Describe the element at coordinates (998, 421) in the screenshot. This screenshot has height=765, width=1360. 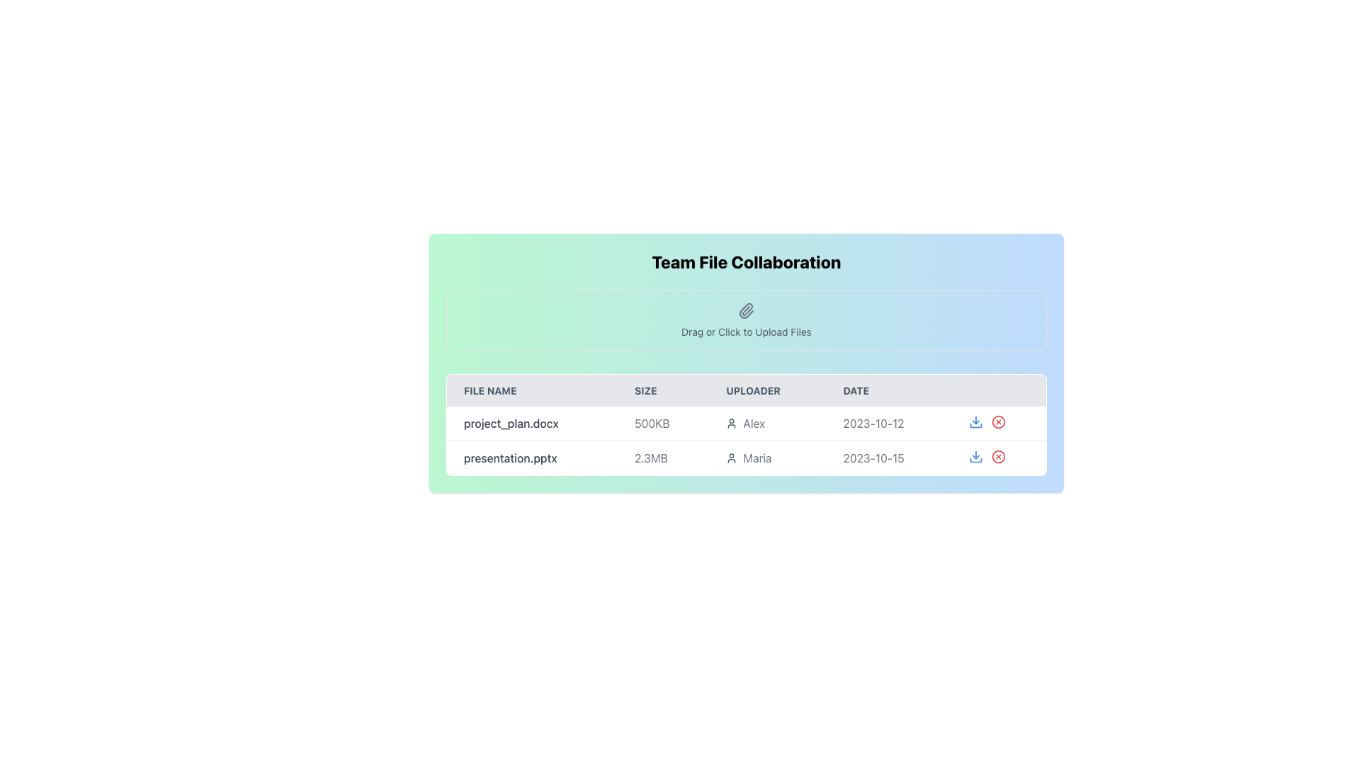
I see `the circular icon button with a red border and an 'X' icon, located in the action controls column for the file 'project_plan.docx'` at that location.